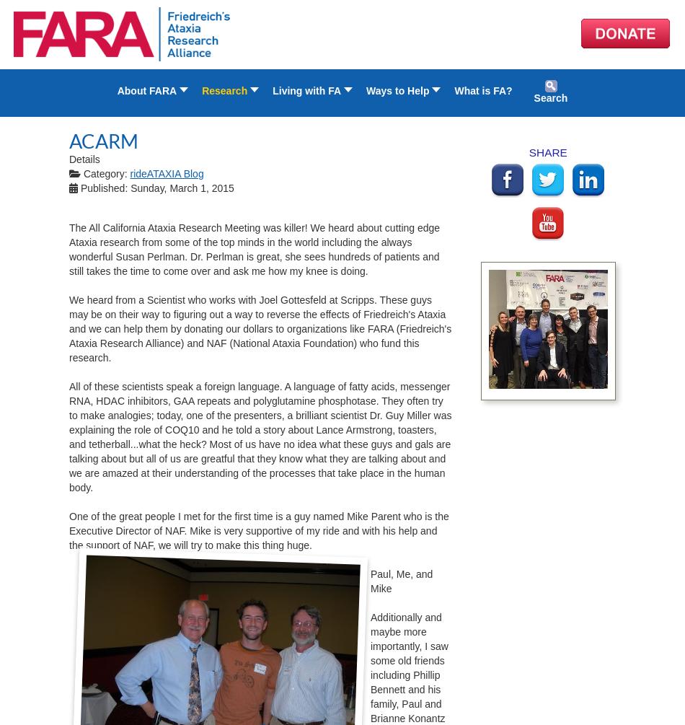 The width and height of the screenshot is (685, 725). I want to click on 'Paul, Me, and Mike', so click(401, 581).